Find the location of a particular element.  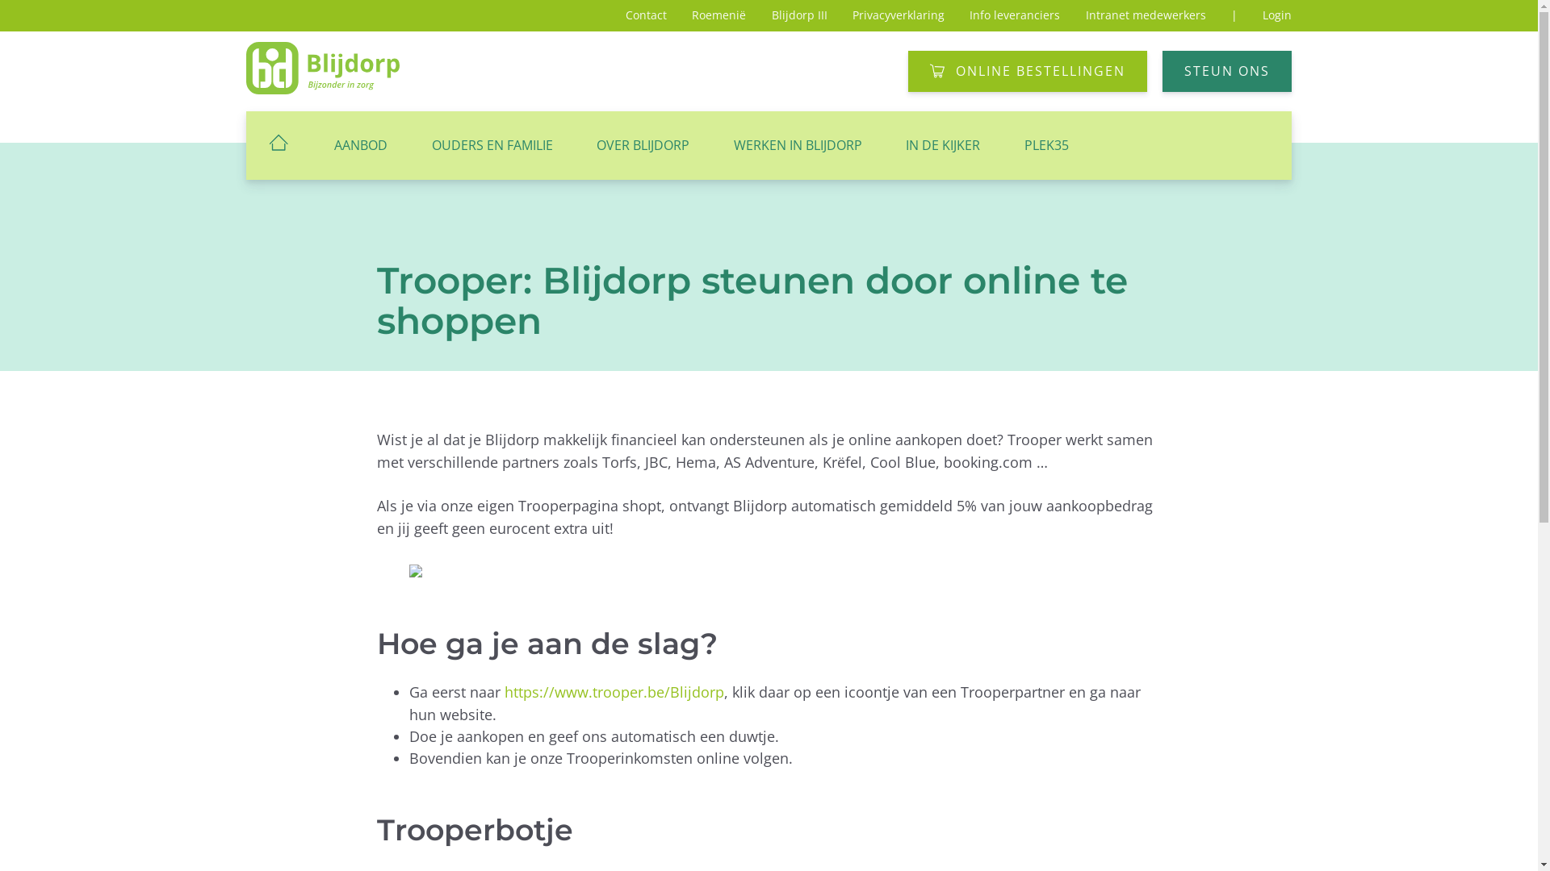

'PLEK35' is located at coordinates (1002, 145).